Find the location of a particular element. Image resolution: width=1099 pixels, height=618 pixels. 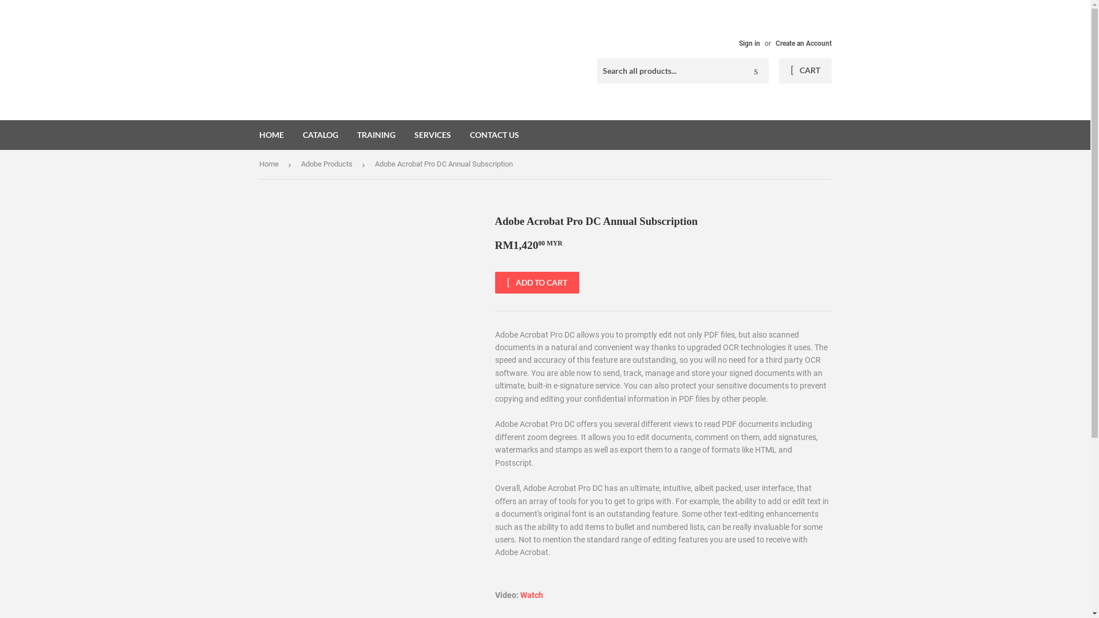

'ADD TO CART' is located at coordinates (536, 282).